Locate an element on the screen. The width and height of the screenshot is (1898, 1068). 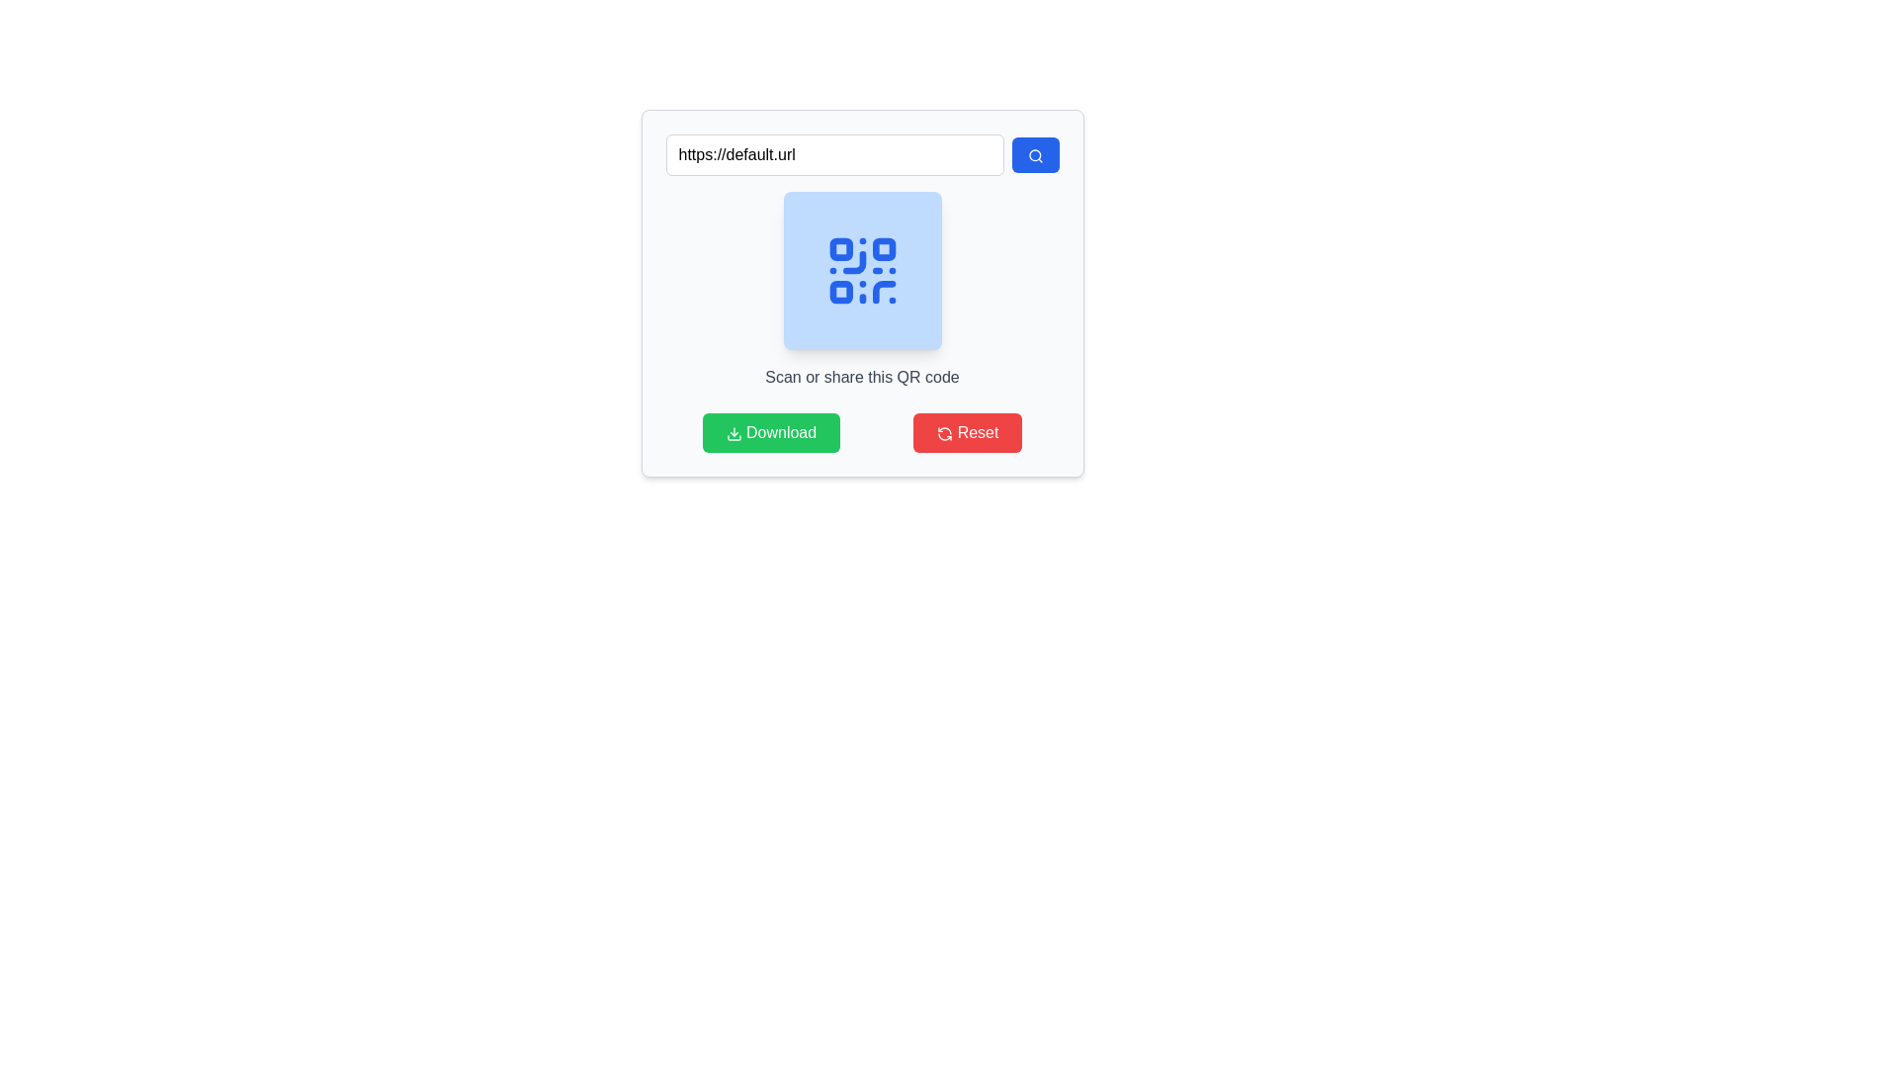
decorative vector graphic component of the QR code icon located in the lower right quadrant of the blue icon using development tools is located at coordinates (883, 292).